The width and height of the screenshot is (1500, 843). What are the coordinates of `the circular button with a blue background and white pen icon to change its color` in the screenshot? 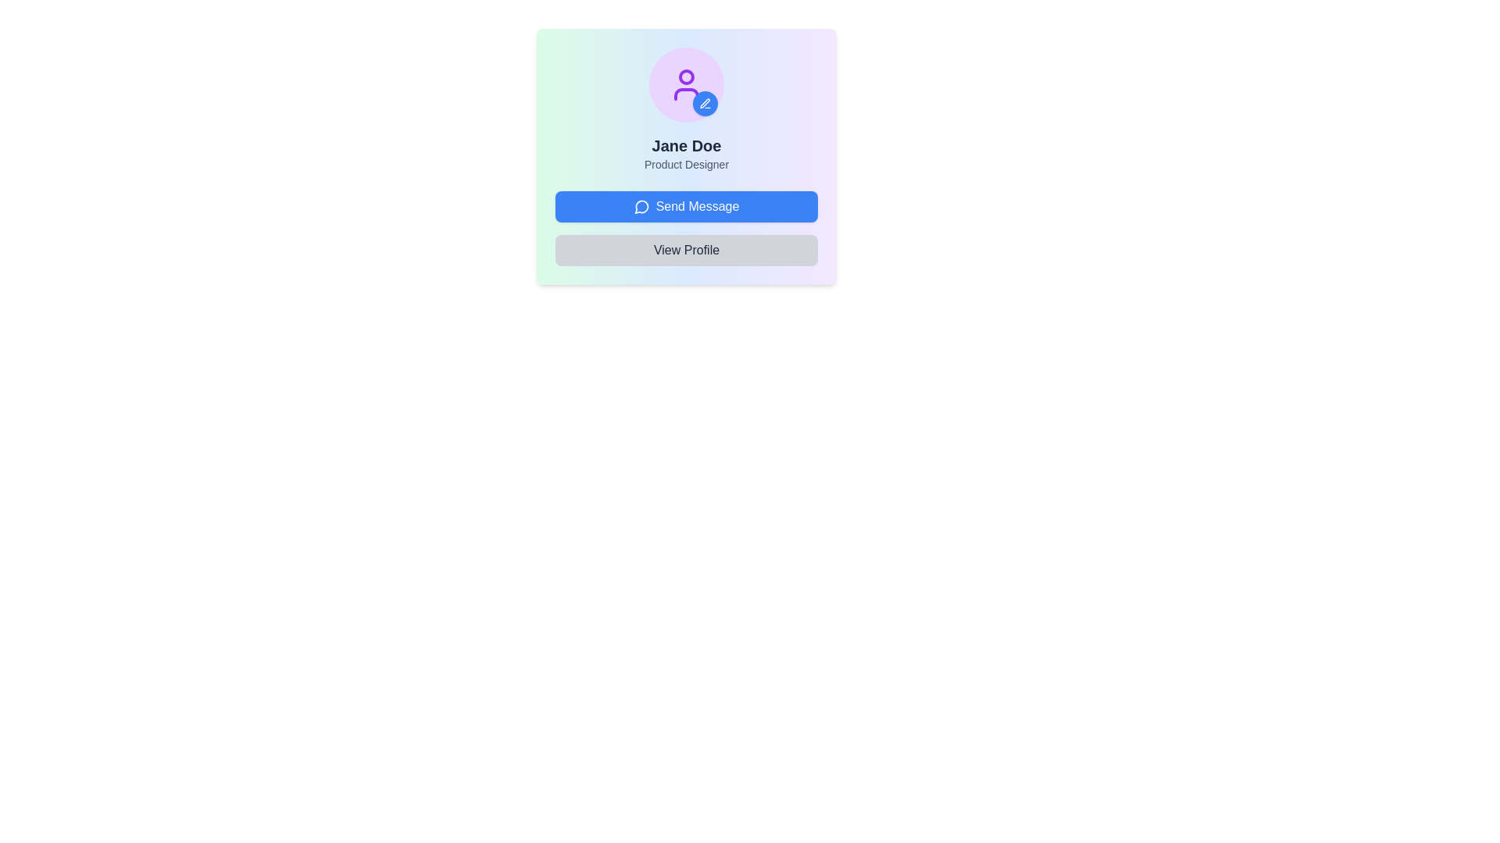 It's located at (704, 103).